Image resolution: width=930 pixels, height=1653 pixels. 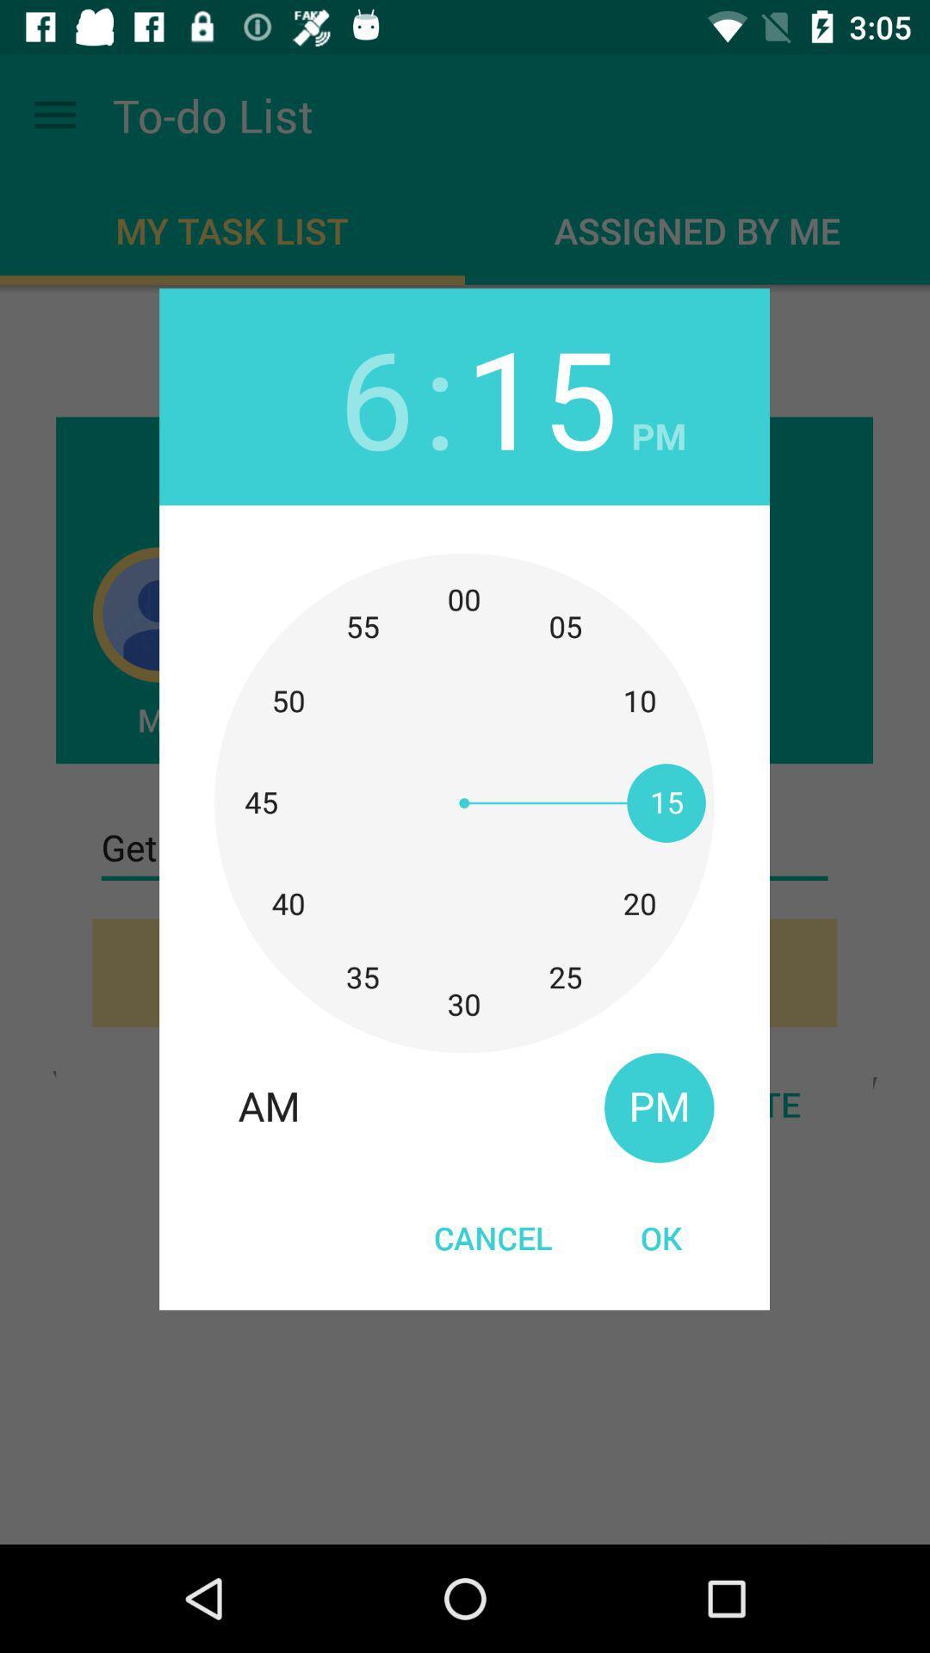 I want to click on item to the left of the :, so click(x=375, y=395).